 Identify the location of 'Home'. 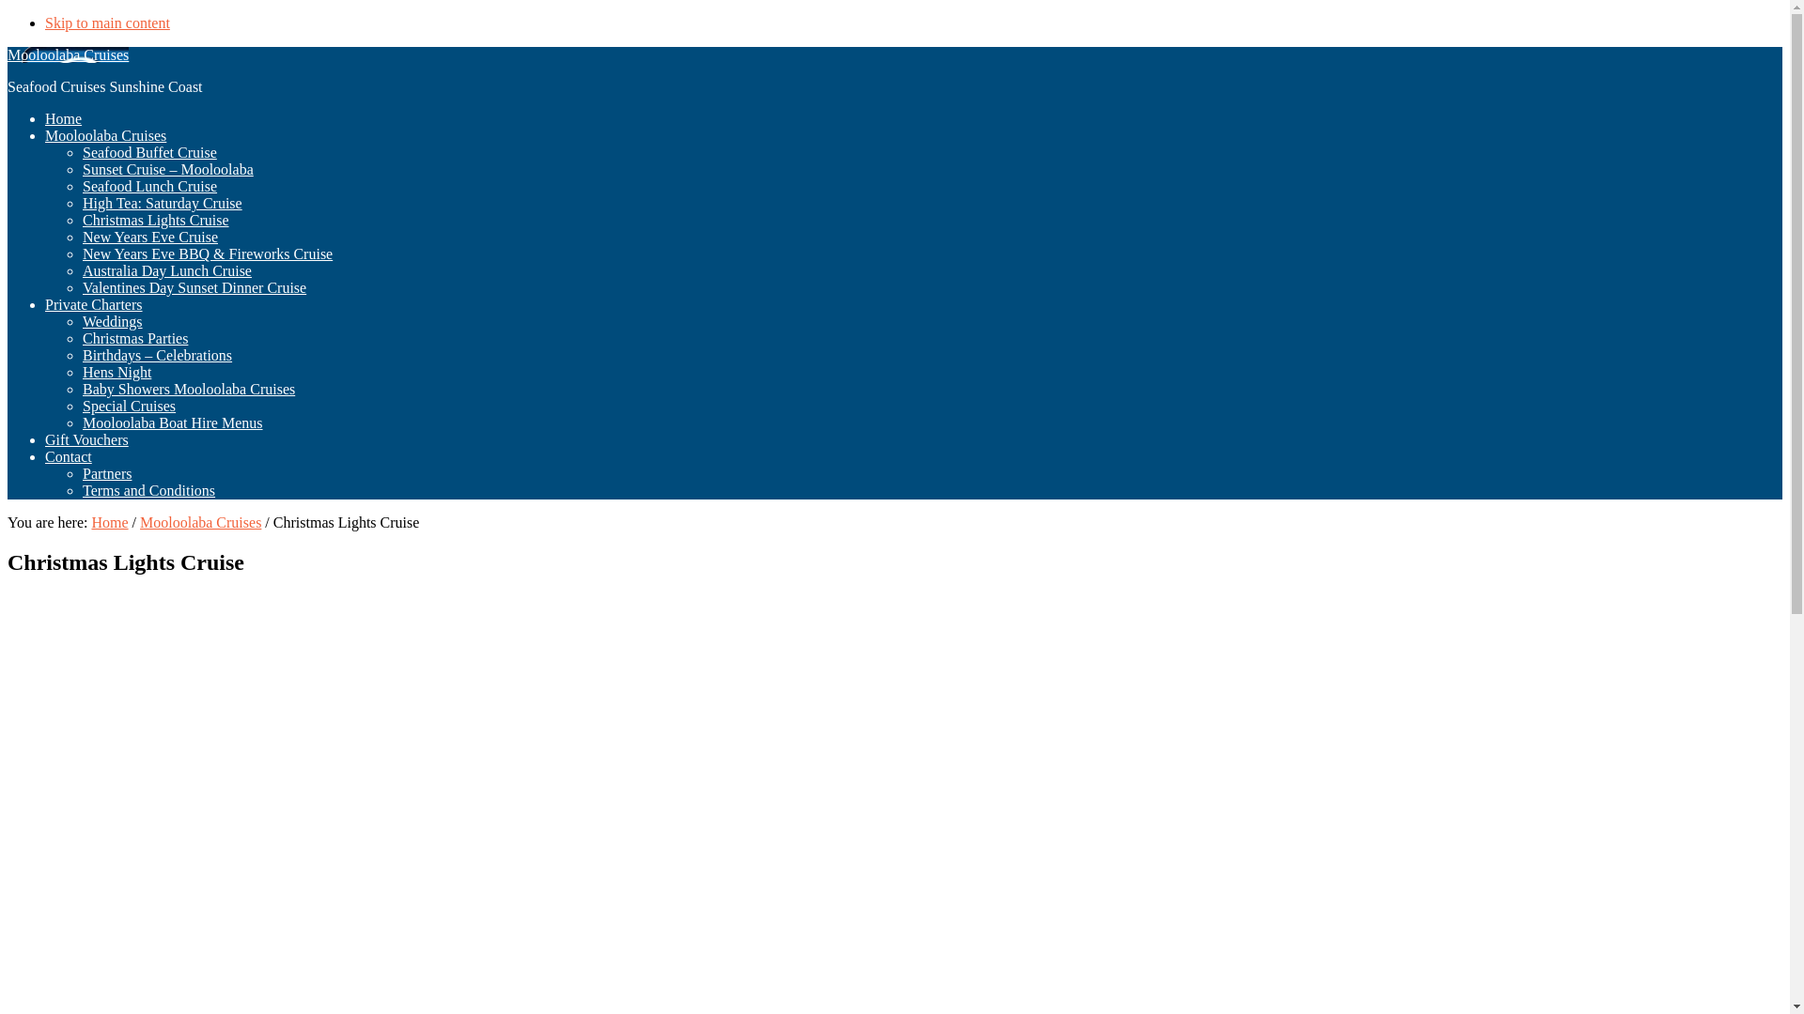
(63, 118).